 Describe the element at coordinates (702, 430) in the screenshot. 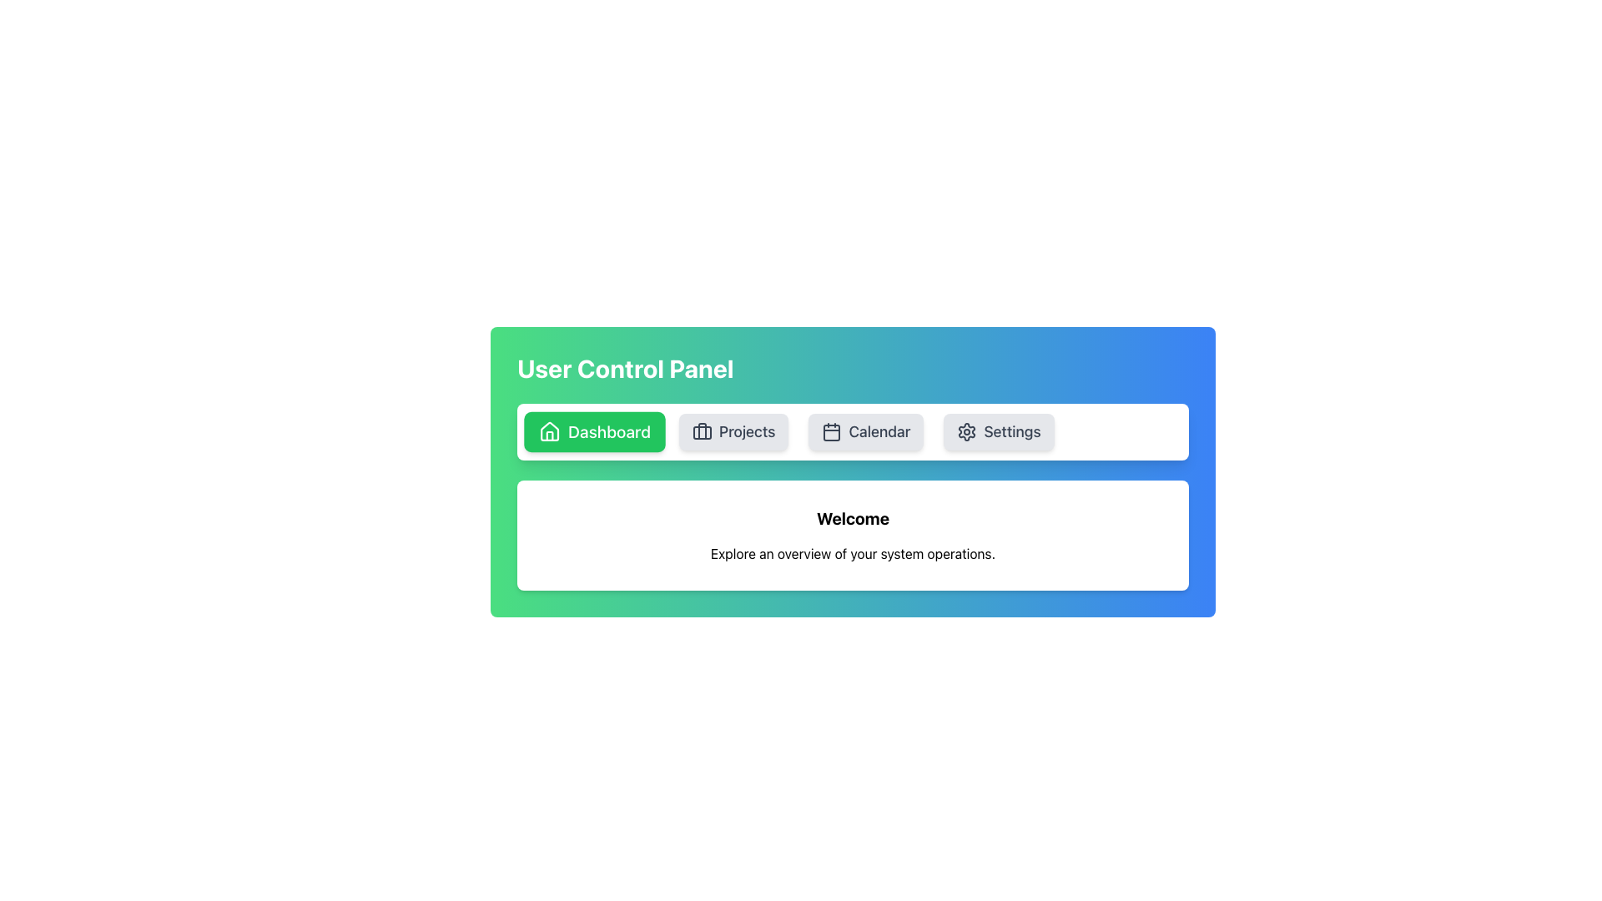

I see `the briefcase icon located inside the 'Projects' button, which is the second button from the left in the menu bar under the 'User Control Panel'` at that location.